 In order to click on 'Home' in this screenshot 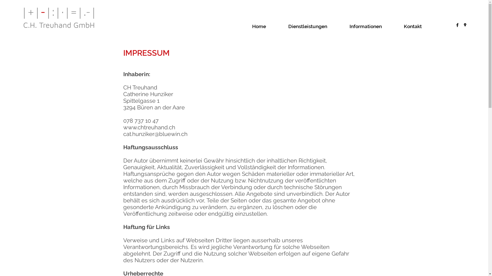, I will do `click(267, 26)`.